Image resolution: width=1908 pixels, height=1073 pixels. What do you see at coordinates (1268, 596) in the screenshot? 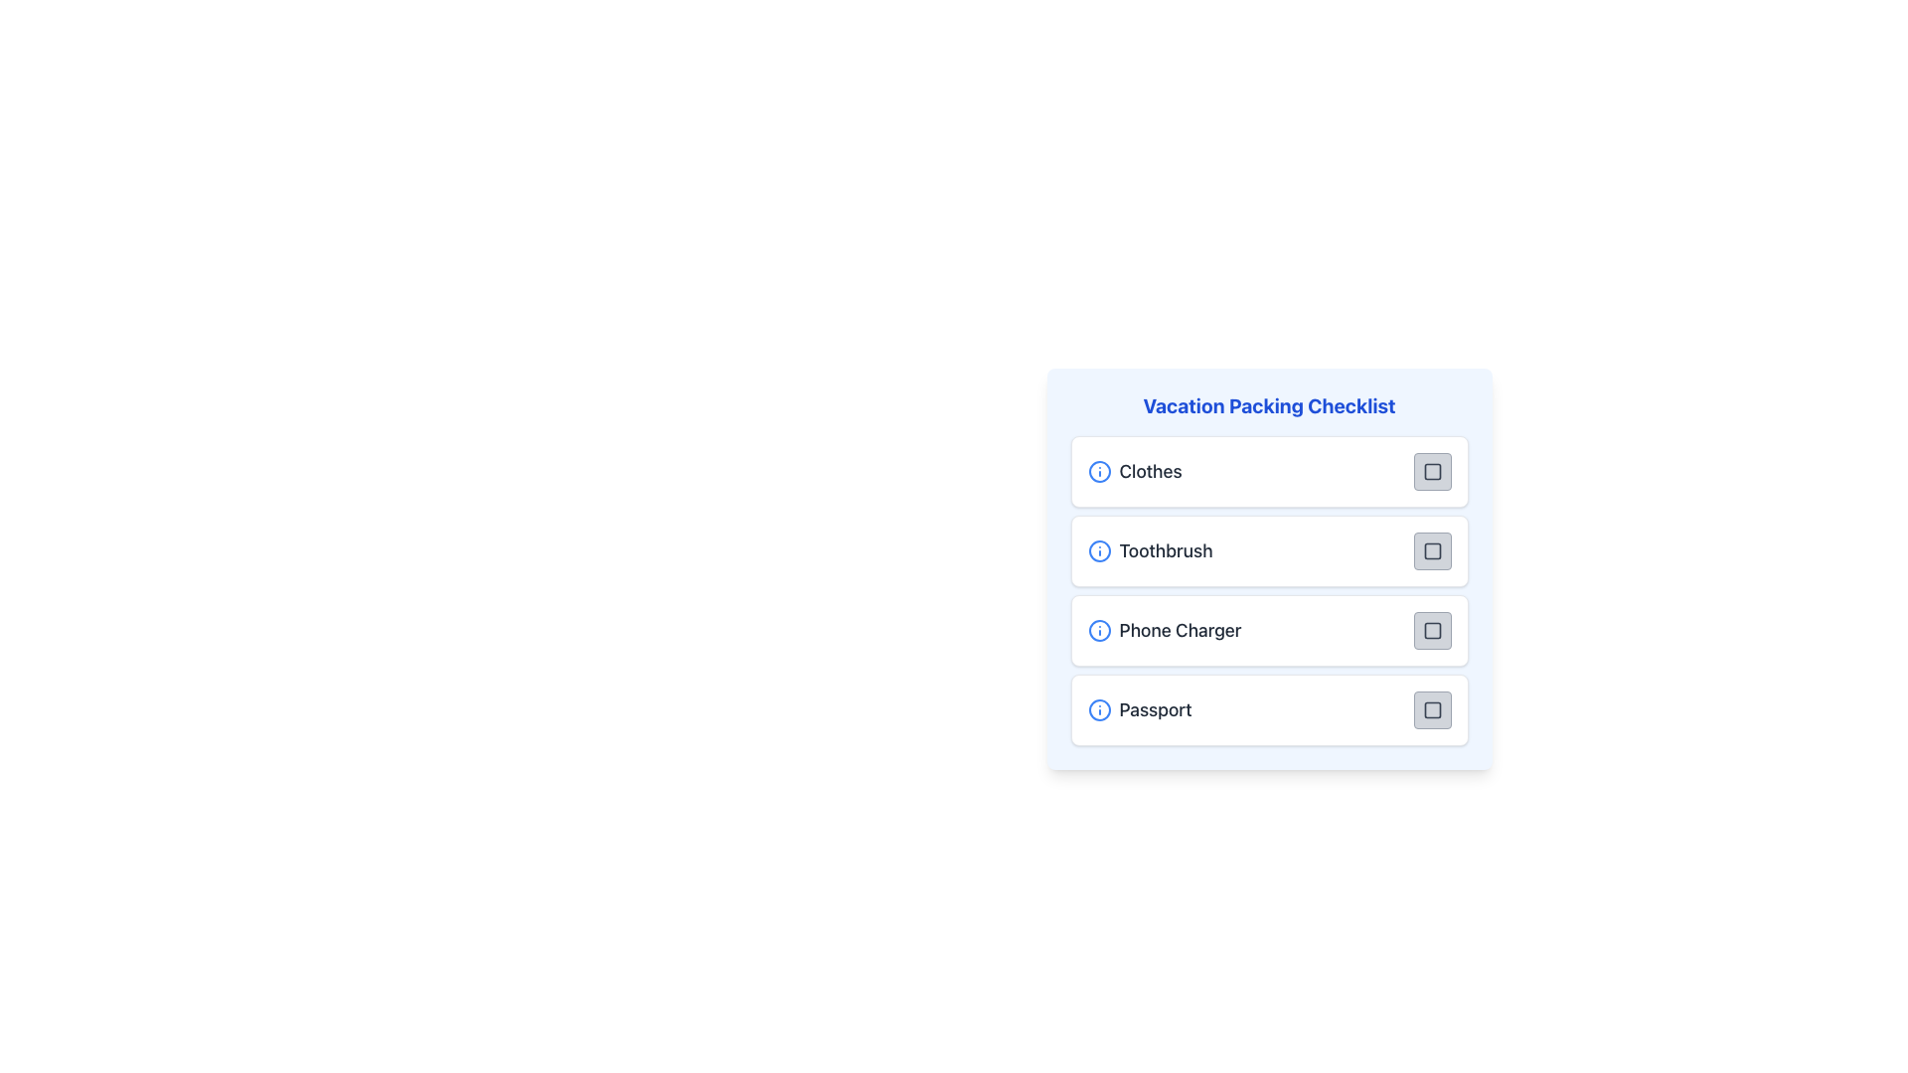
I see `the third checklist item for 'Vacation Packing'` at bounding box center [1268, 596].